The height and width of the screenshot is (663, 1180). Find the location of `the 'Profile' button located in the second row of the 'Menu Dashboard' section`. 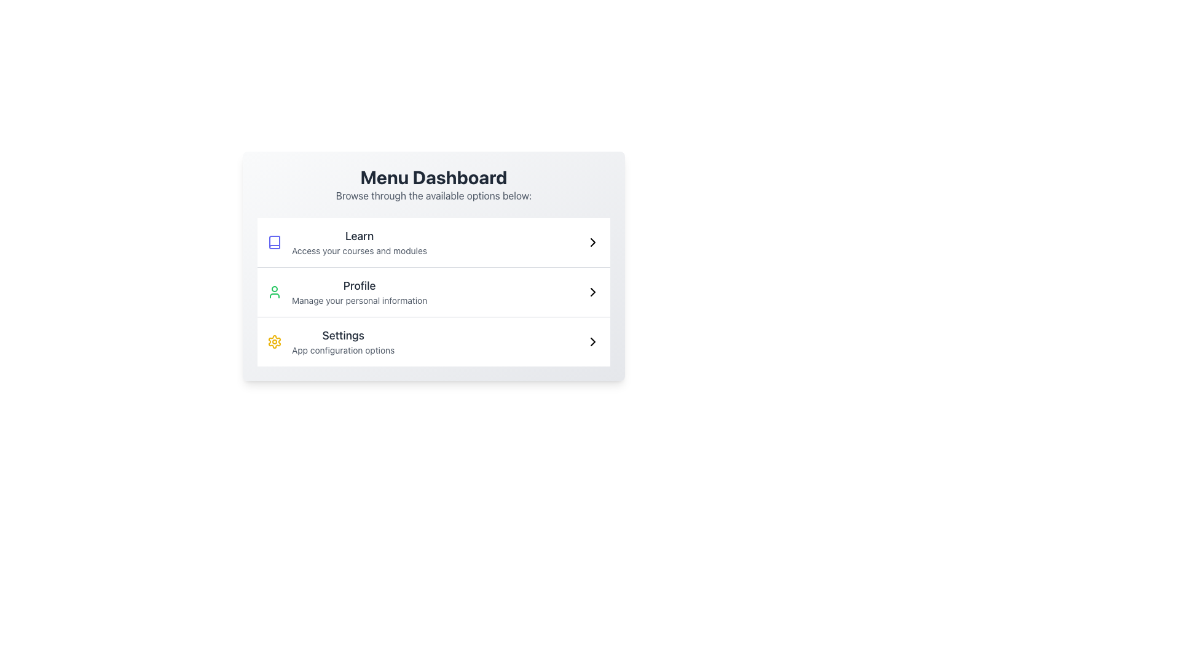

the 'Profile' button located in the second row of the 'Menu Dashboard' section is located at coordinates (433, 291).